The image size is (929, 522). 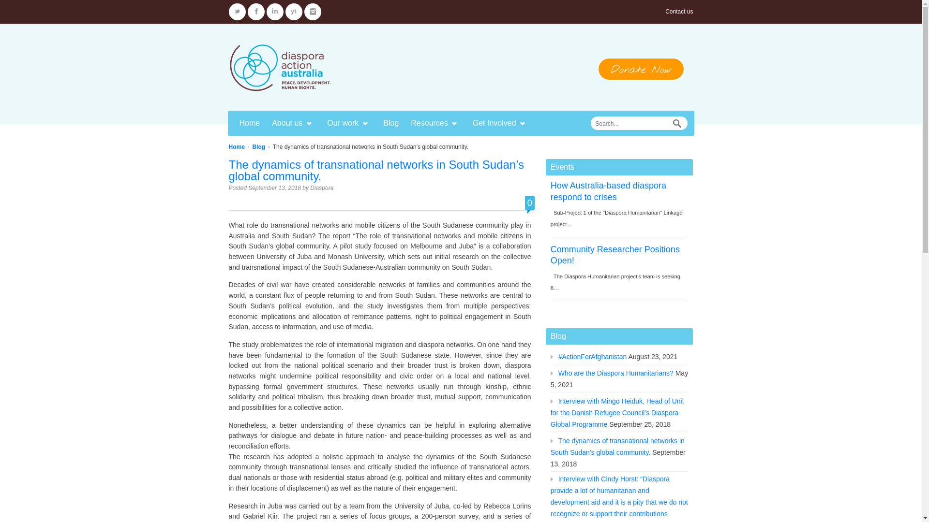 What do you see at coordinates (641, 68) in the screenshot?
I see `'Donate Now'` at bounding box center [641, 68].